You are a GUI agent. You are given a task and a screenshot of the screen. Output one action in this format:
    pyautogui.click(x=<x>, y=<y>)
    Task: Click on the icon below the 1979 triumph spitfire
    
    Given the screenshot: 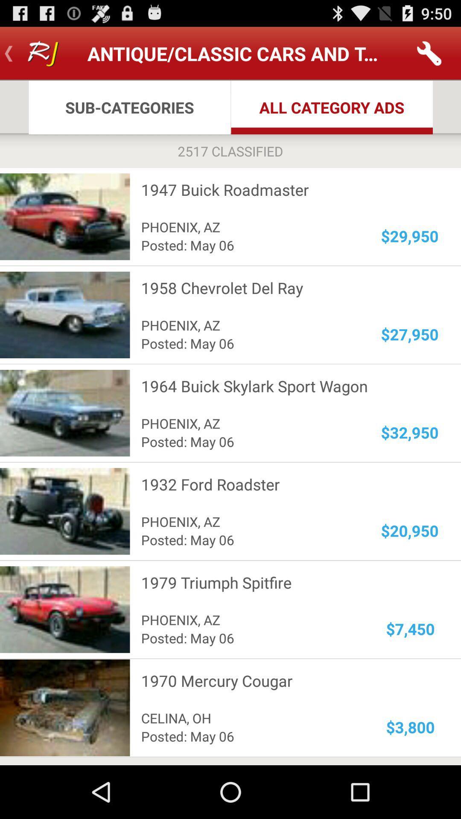 What is the action you would take?
    pyautogui.click(x=410, y=629)
    